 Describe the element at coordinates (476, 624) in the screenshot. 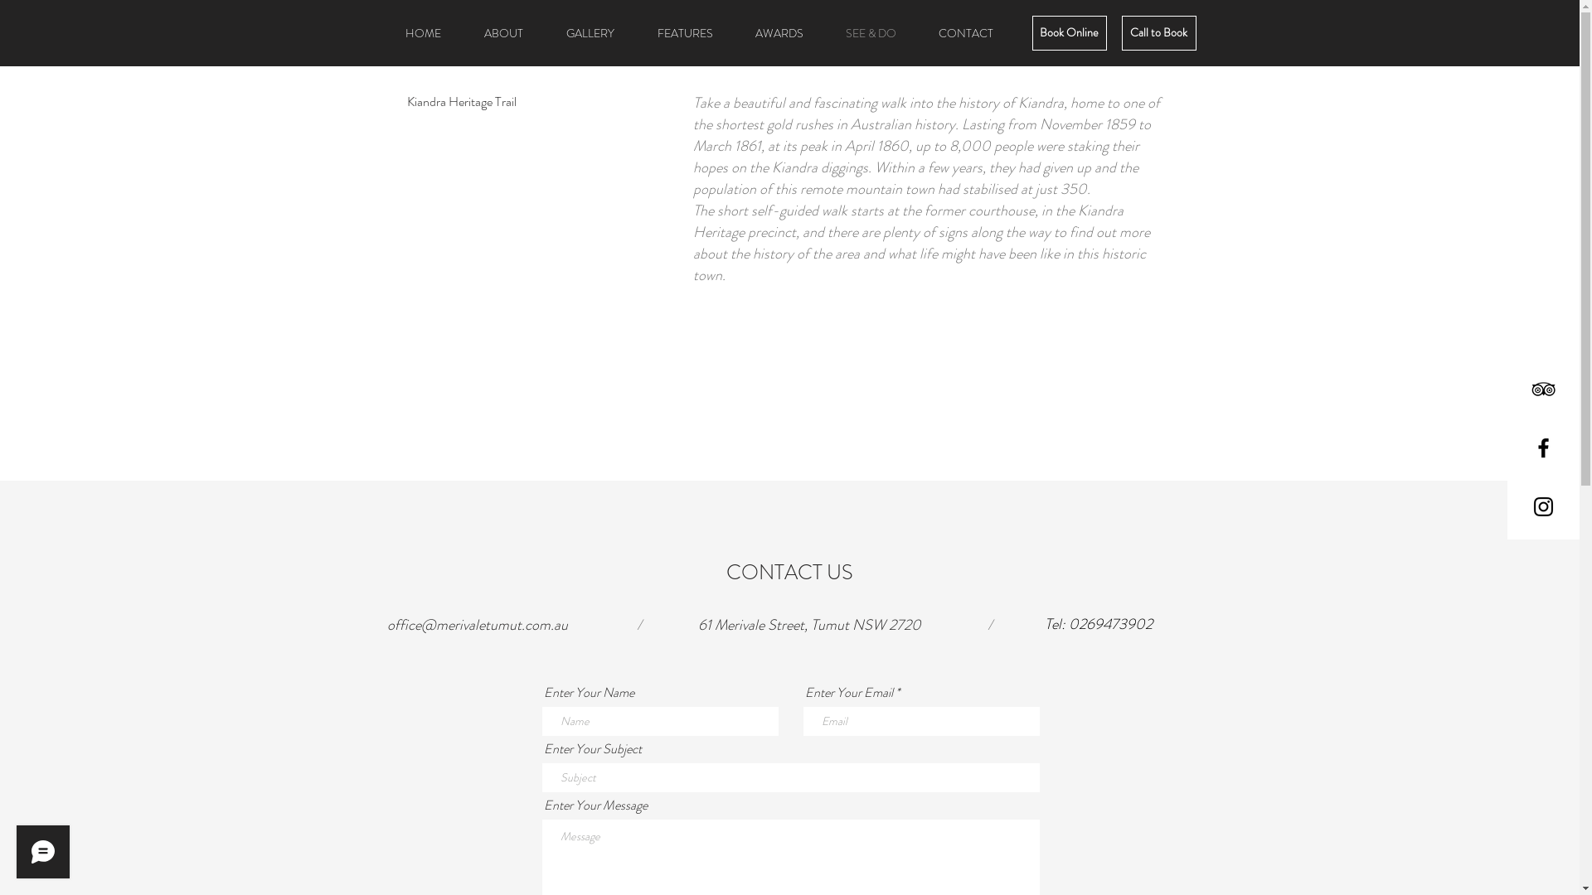

I see `'office@merivaletumut.com.au'` at that location.